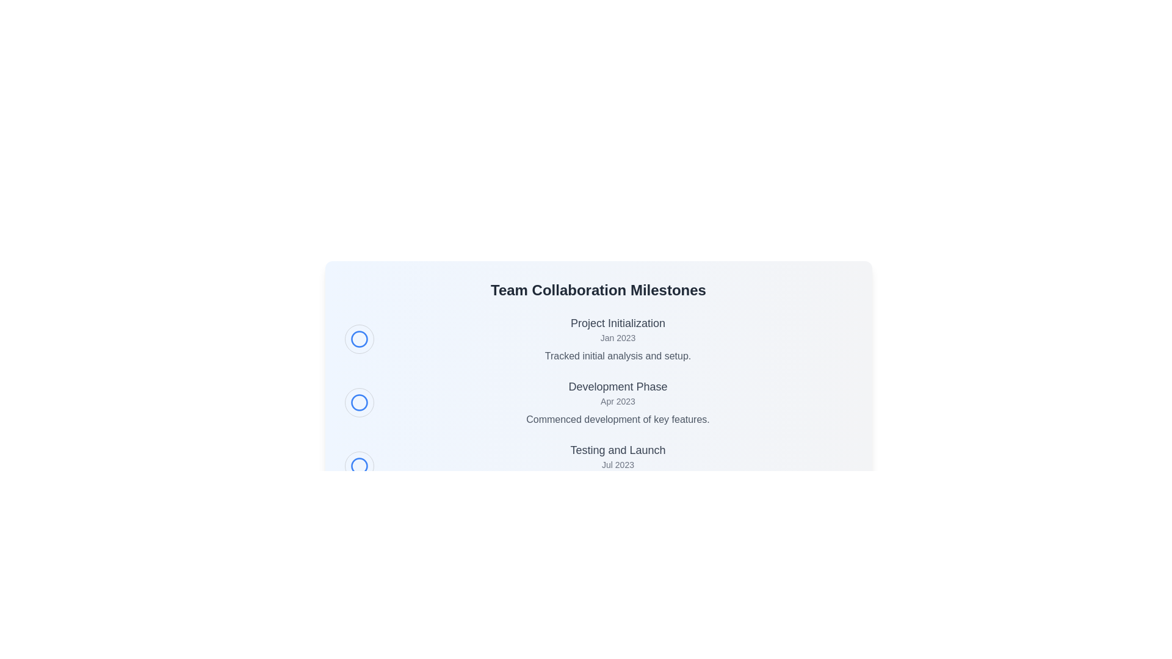 The image size is (1172, 659). What do you see at coordinates (358, 339) in the screenshot?
I see `the inner decorative point of the graphical marker representing the first milestone in the 'Team Collaboration Milestones' timeline` at bounding box center [358, 339].